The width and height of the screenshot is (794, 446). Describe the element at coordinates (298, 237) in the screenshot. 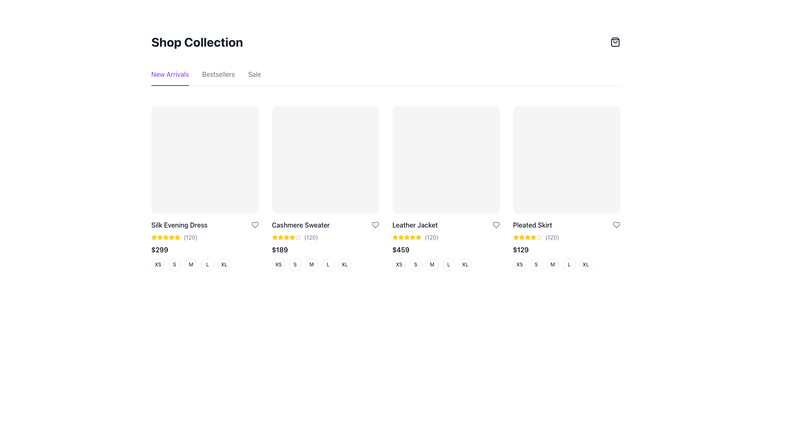

I see `the fifth star icon in the rating system for the 'Cashmere Sweater' product` at that location.